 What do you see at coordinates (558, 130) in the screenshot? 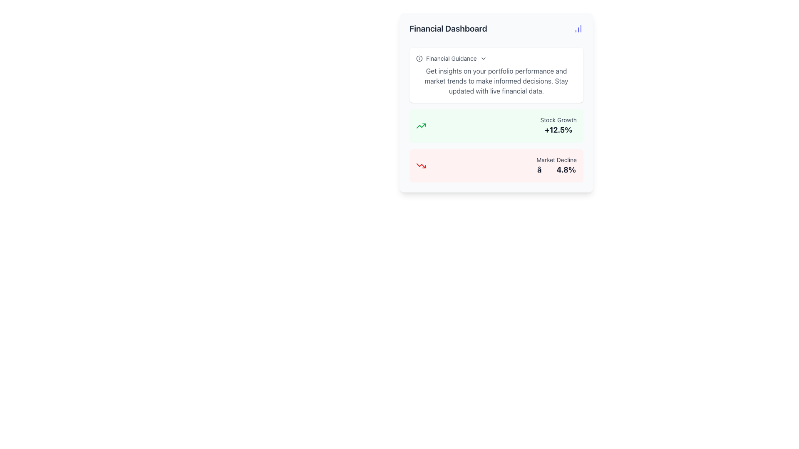
I see `the text display element that shows the percentage increase of stock growth, located in the second row of the 'Stock Growth' section beneath the 'Stock Growth' label` at bounding box center [558, 130].